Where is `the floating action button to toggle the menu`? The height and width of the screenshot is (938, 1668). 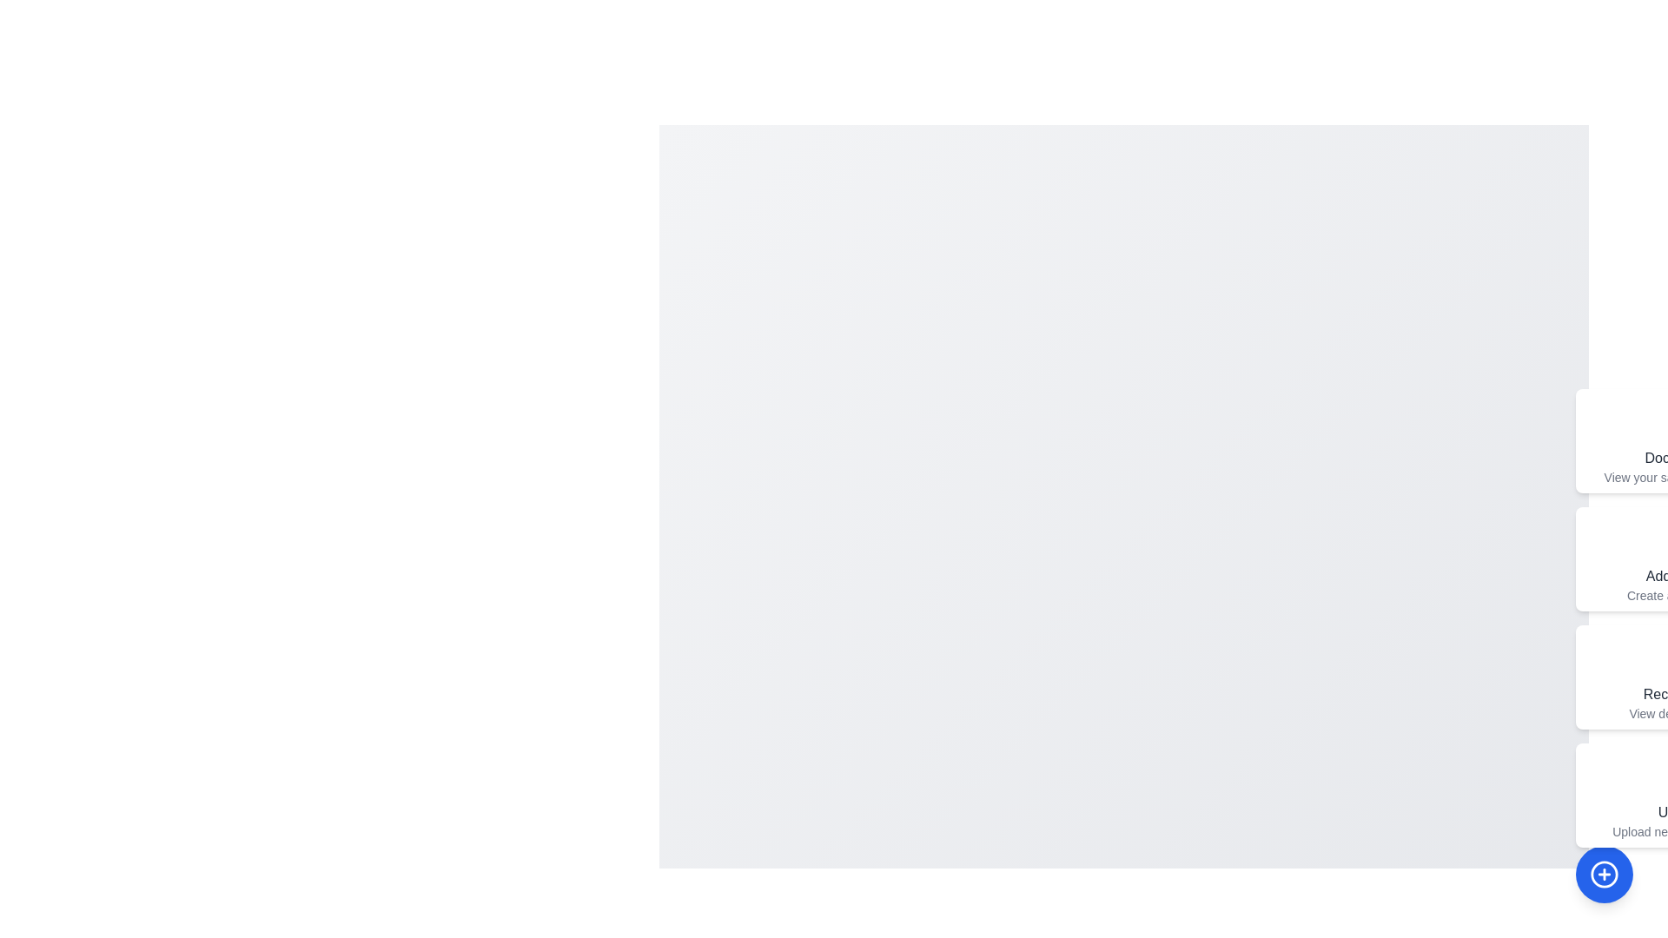 the floating action button to toggle the menu is located at coordinates (1604, 874).